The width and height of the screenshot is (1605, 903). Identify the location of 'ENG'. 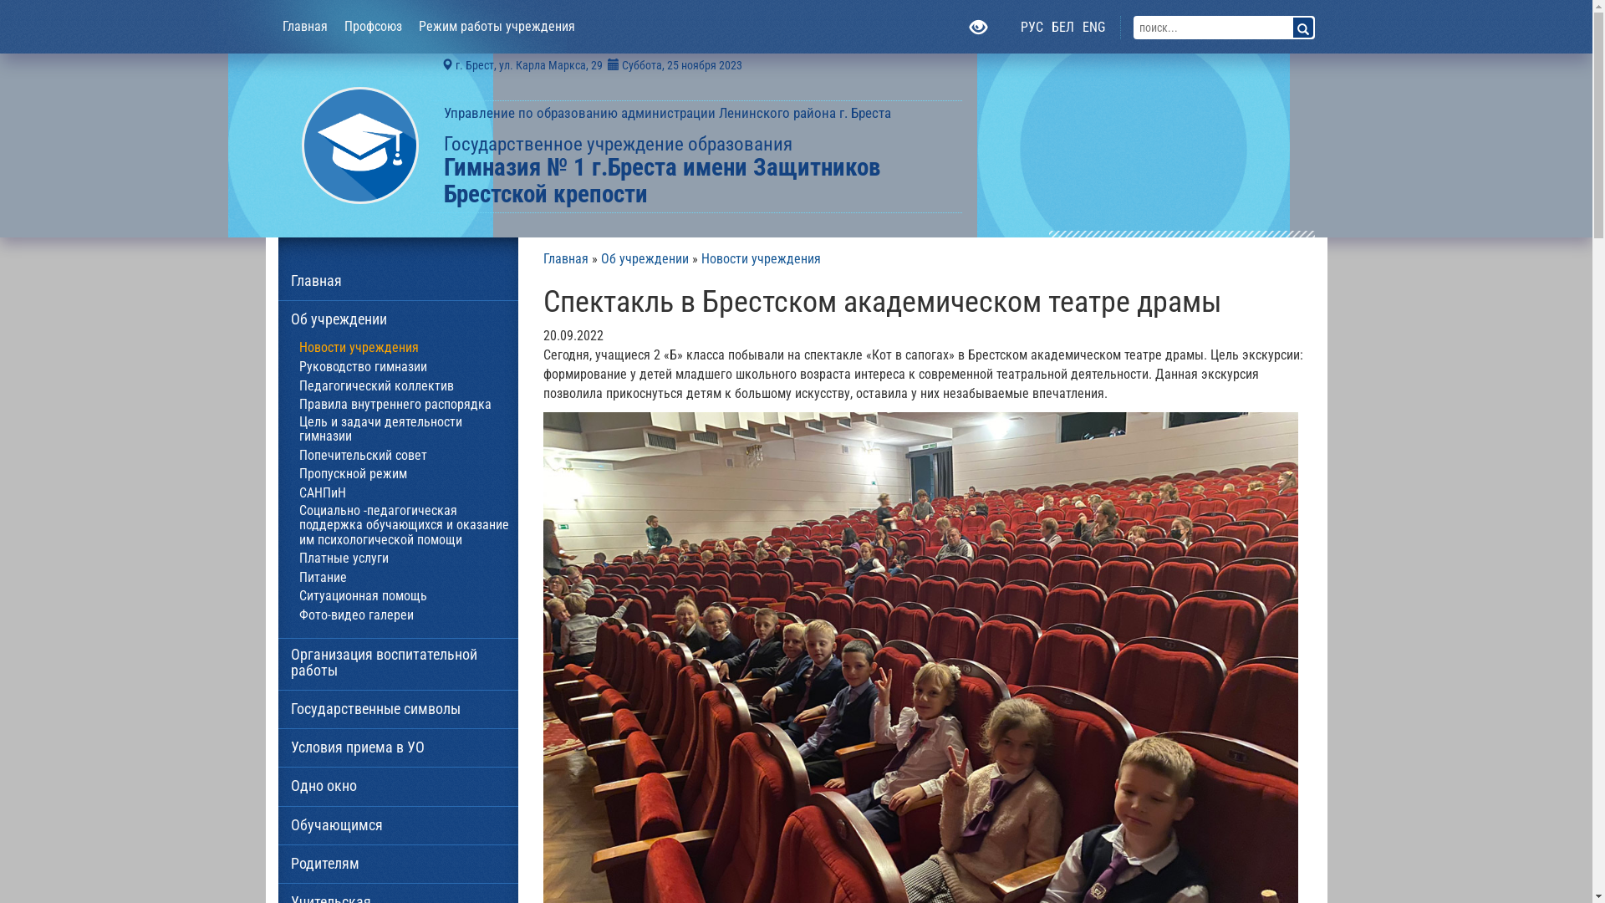
(1093, 28).